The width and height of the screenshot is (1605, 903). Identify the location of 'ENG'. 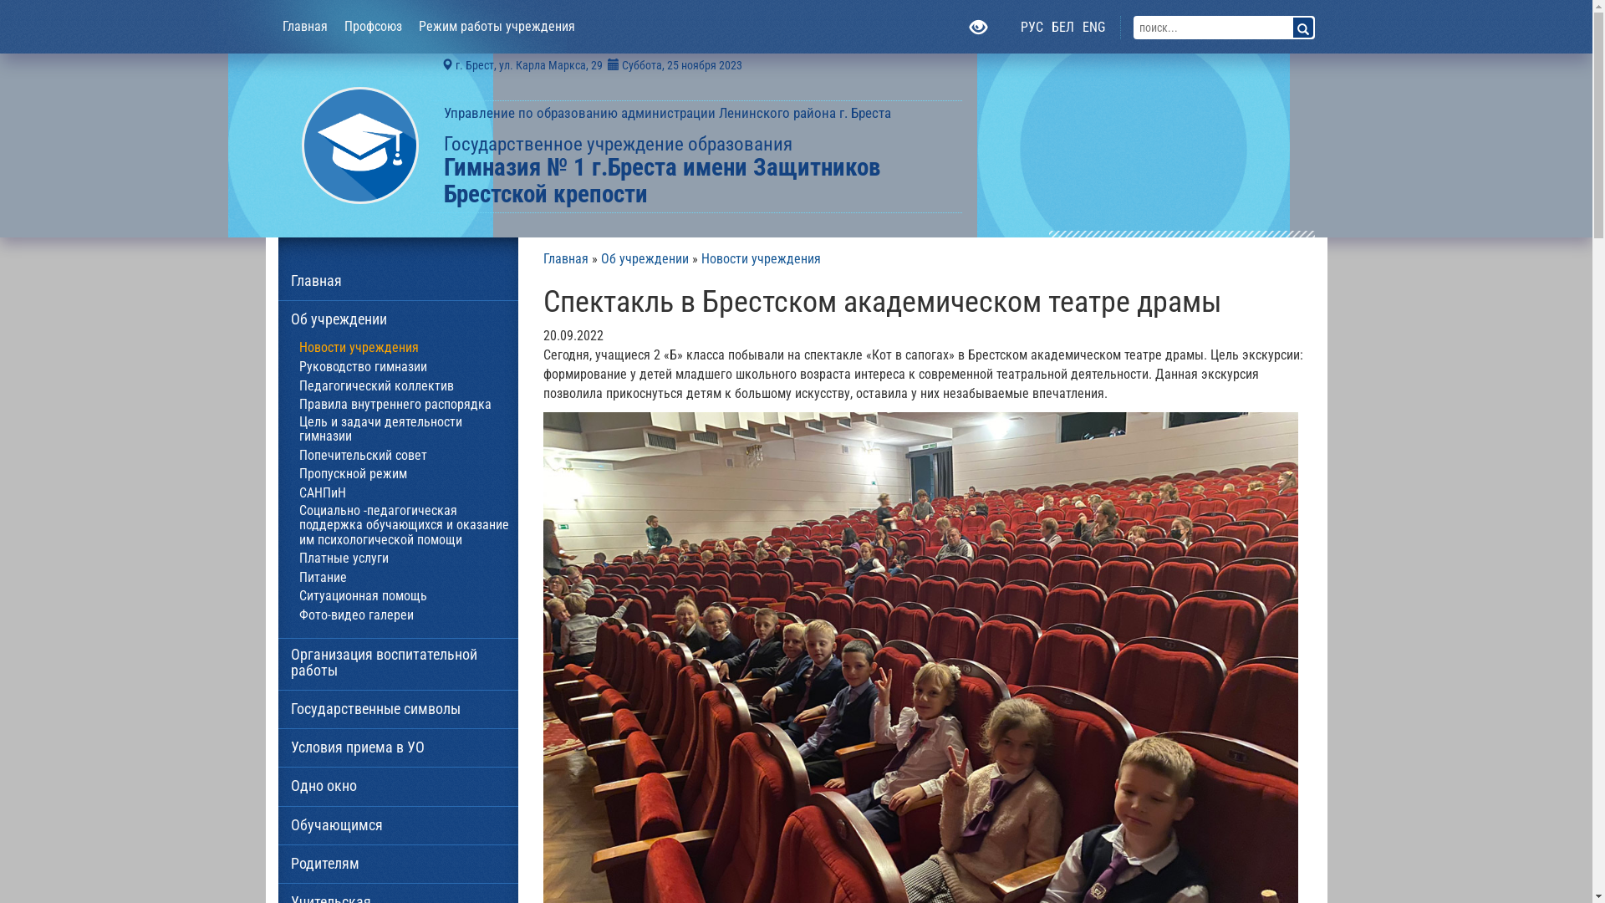
(1093, 28).